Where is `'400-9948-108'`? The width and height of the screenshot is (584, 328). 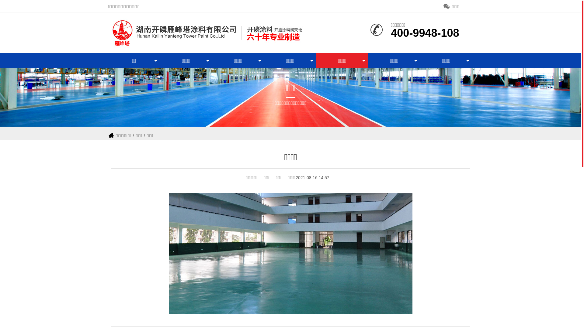 '400-9948-108' is located at coordinates (424, 34).